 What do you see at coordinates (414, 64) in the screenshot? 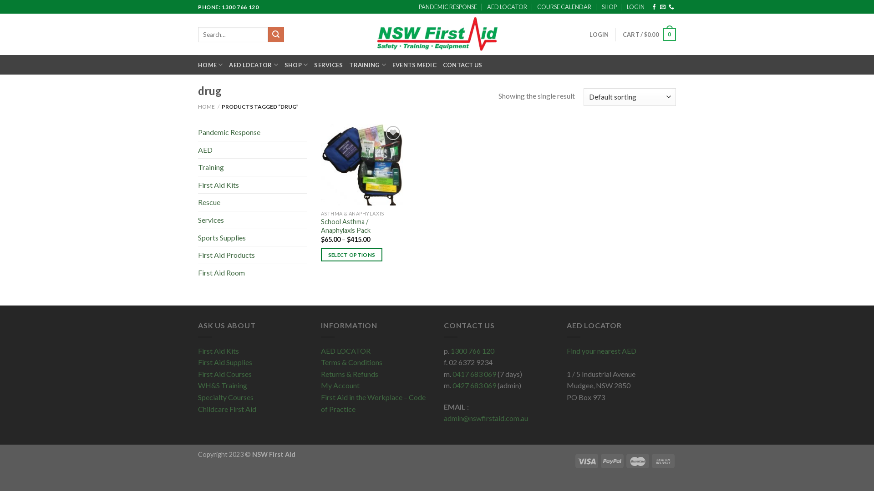
I see `'EVENTS MEDIC'` at bounding box center [414, 64].